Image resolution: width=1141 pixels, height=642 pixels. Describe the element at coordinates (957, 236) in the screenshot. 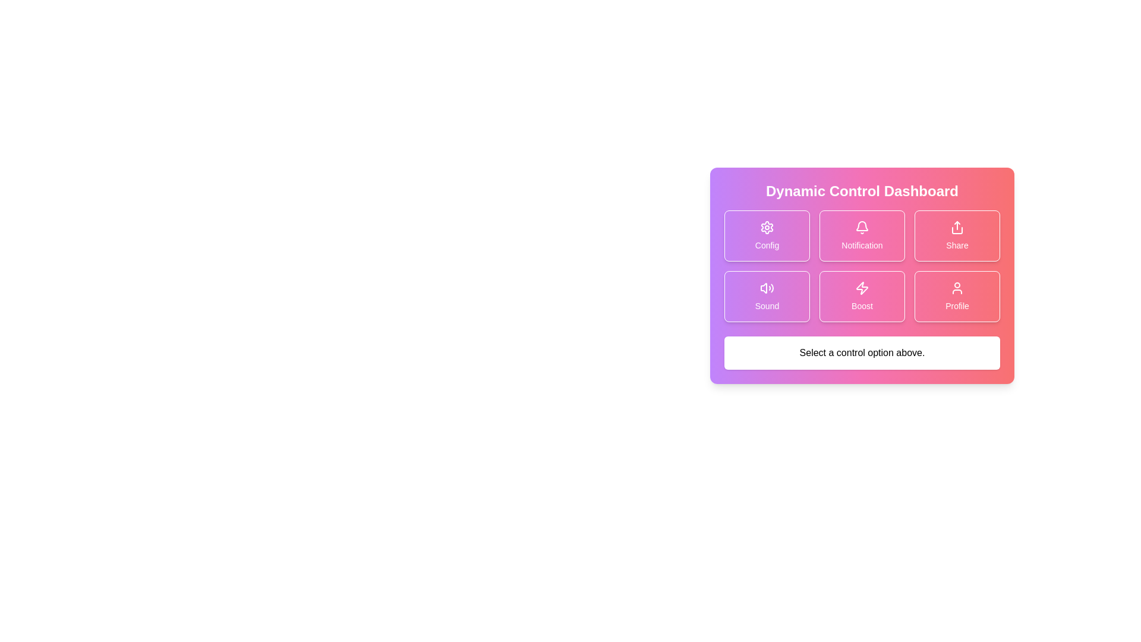

I see `the 'Share' button, which is a rectangular button with a gradient background and an upward-pointing arrow icon, located in the top-right corner of the grid in the 'Dynamic Control Dashboard'` at that location.